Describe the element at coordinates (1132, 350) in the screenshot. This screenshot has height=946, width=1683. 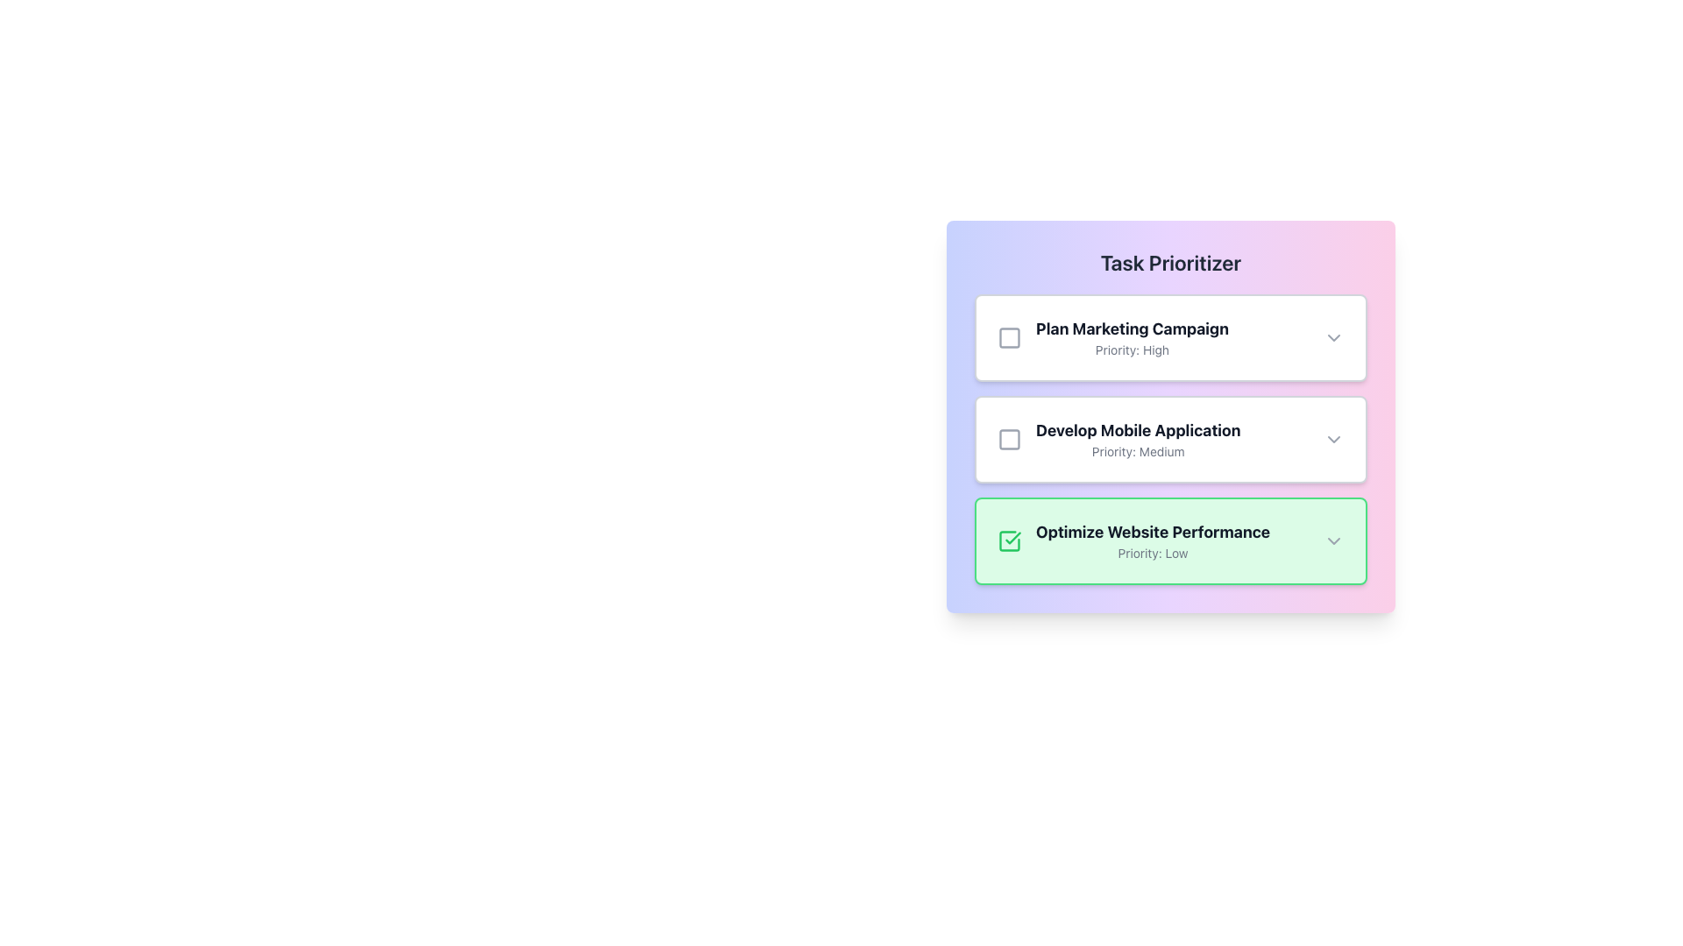
I see `the text label stating 'Priority: High' which is positioned directly beneath the title 'Plan Marketing Campaign'` at that location.